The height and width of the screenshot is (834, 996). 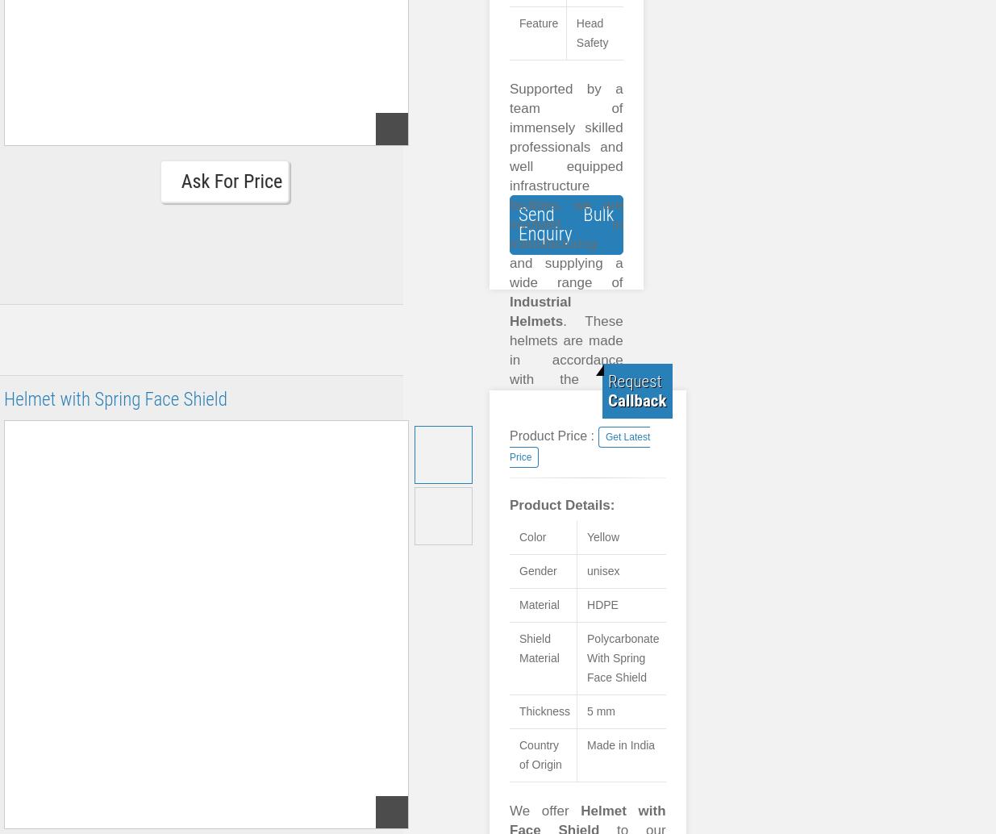 I want to click on 'Fine finish', so click(x=563, y=688).